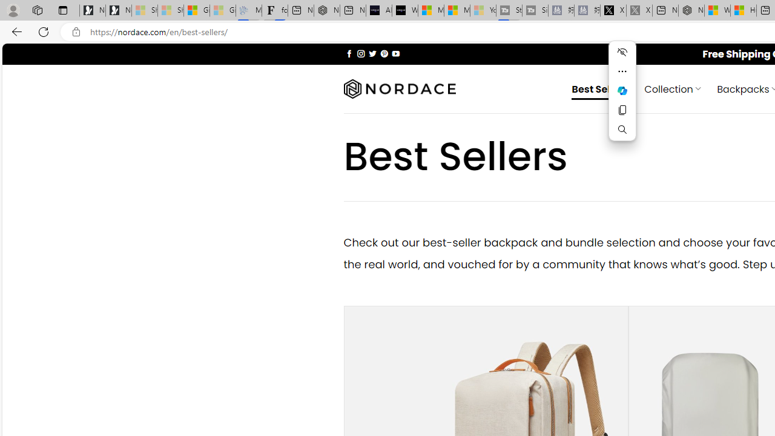 This screenshot has width=775, height=436. Describe the element at coordinates (431, 10) in the screenshot. I see `'Microsoft Start Sports'` at that location.